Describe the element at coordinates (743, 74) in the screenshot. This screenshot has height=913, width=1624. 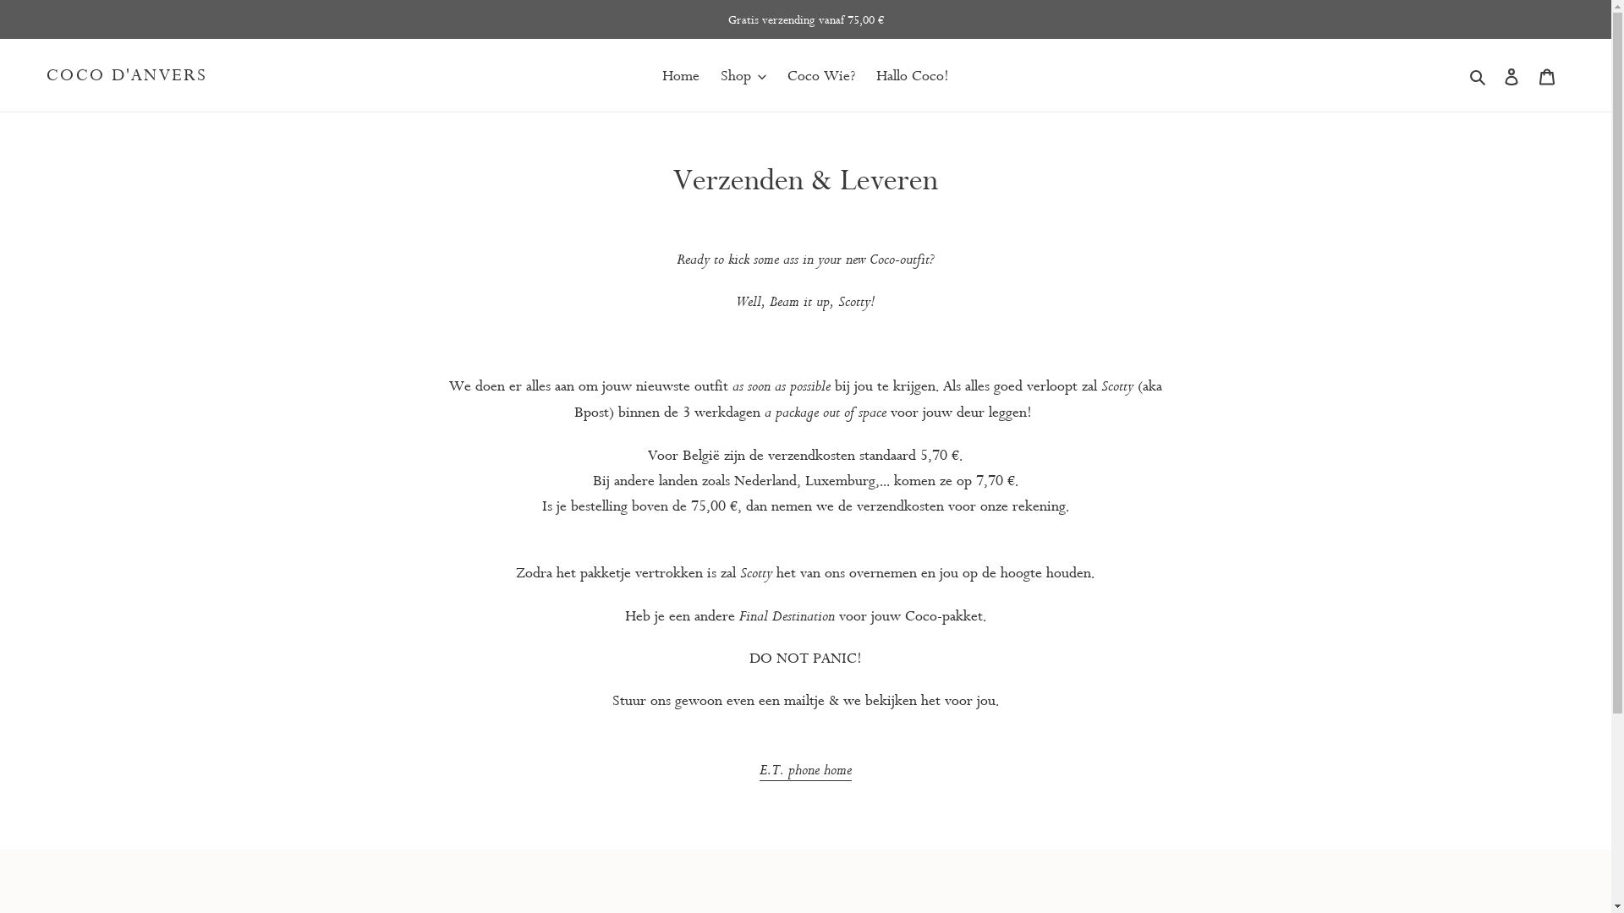
I see `'Shop'` at that location.